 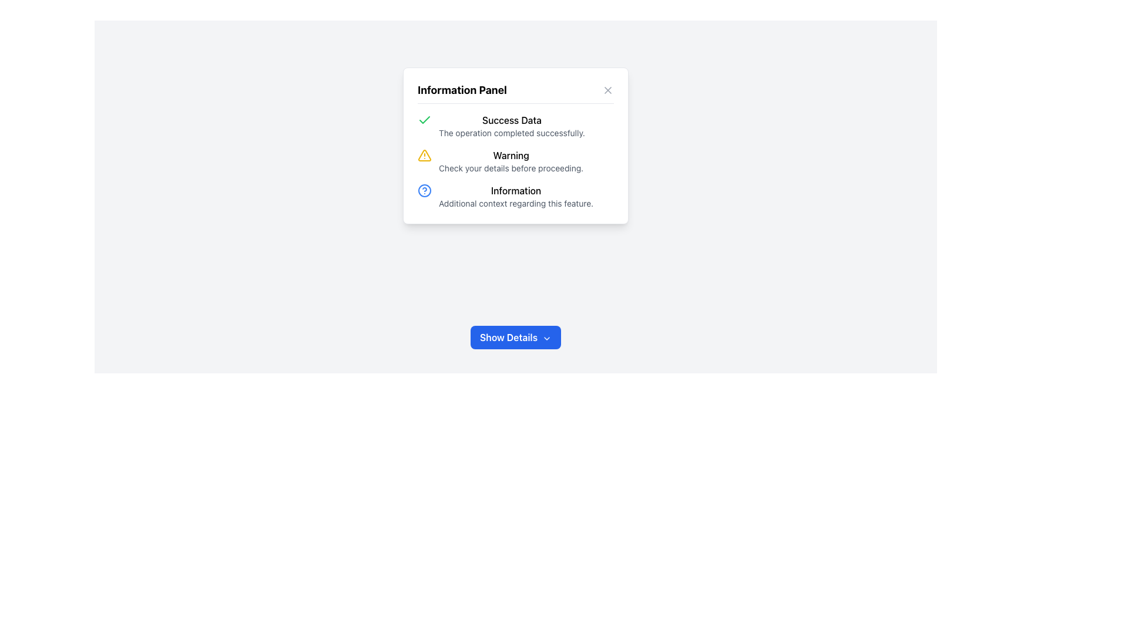 What do you see at coordinates (461, 90) in the screenshot?
I see `the static text label reading 'Information Panel', which is styled in bold and presented in a larger font size, located in the top-left section of a white rectangular panel` at bounding box center [461, 90].